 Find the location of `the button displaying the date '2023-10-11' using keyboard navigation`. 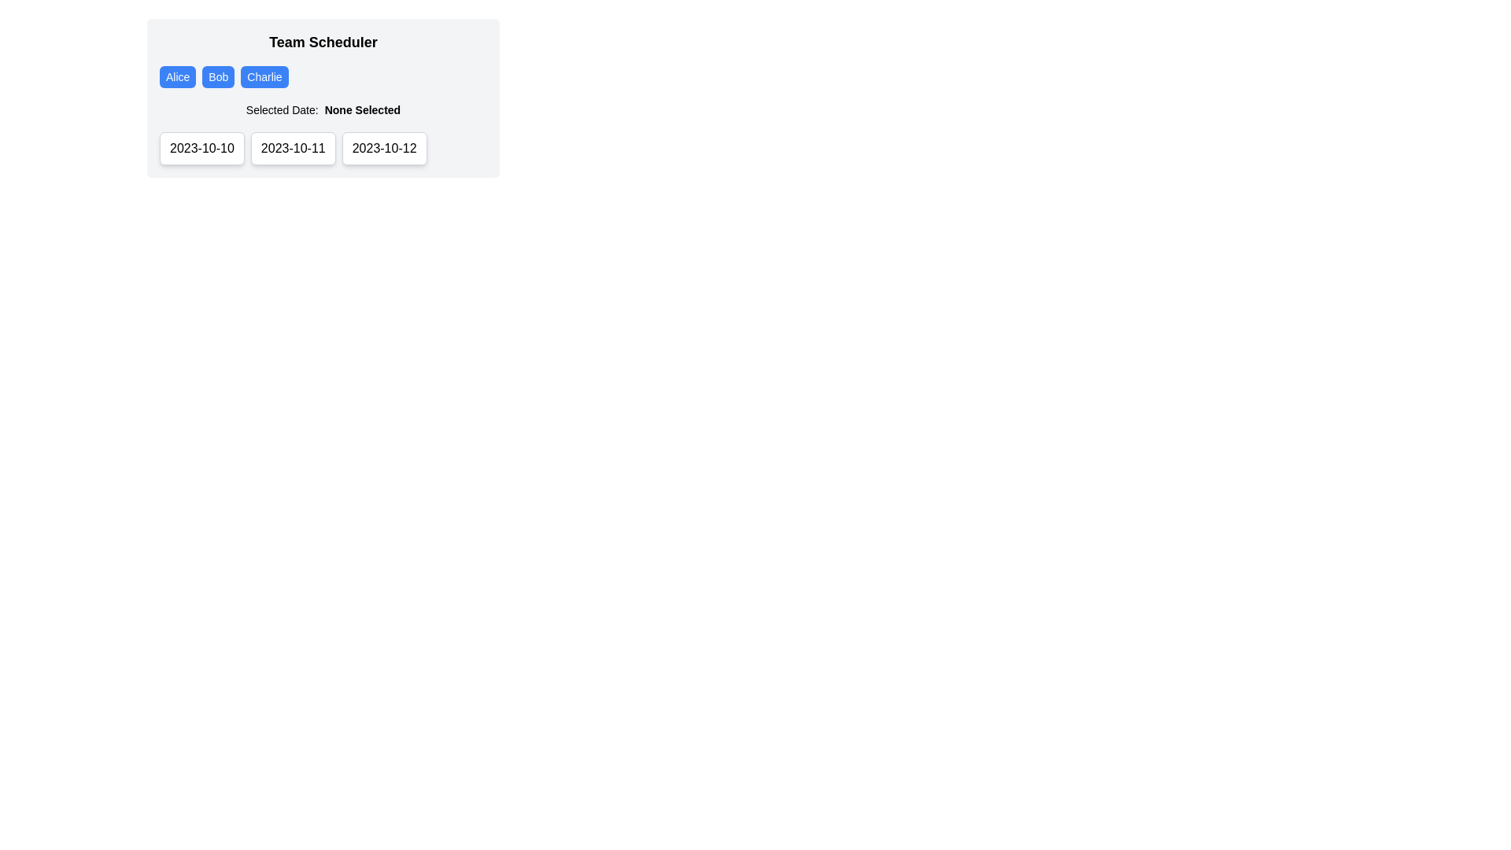

the button displaying the date '2023-10-11' using keyboard navigation is located at coordinates (293, 149).